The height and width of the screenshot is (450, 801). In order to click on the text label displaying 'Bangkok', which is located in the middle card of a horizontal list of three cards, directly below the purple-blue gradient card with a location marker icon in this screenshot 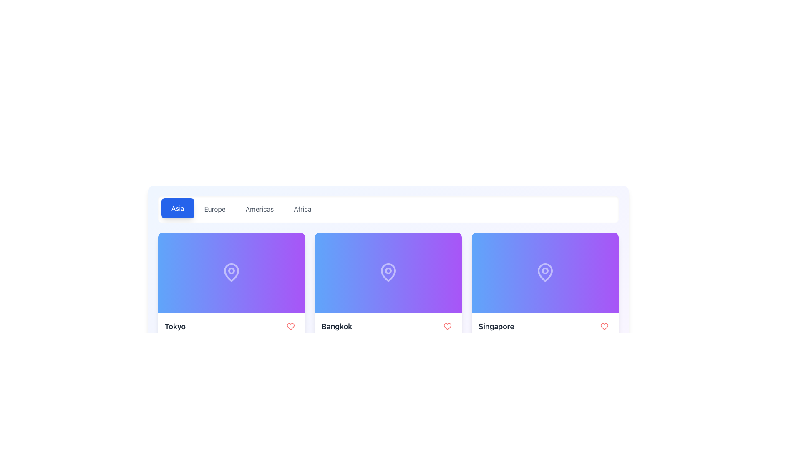, I will do `click(337, 326)`.